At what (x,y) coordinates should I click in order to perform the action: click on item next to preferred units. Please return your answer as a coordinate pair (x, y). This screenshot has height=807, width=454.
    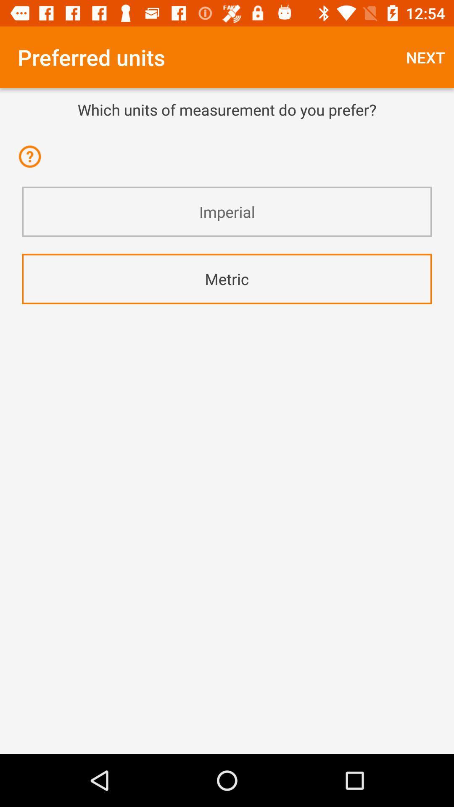
    Looking at the image, I should click on (425, 57).